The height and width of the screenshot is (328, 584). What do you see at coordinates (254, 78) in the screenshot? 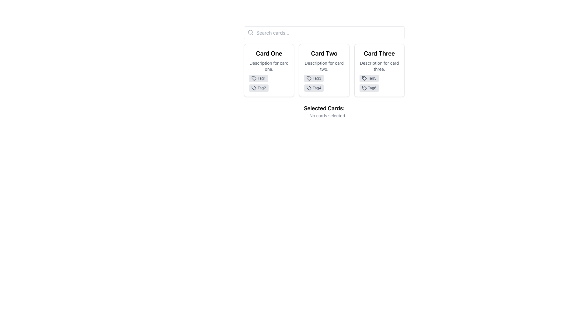
I see `the icon located at the top-left corner of the 'Tag1' label, which is under 'Card One'` at bounding box center [254, 78].